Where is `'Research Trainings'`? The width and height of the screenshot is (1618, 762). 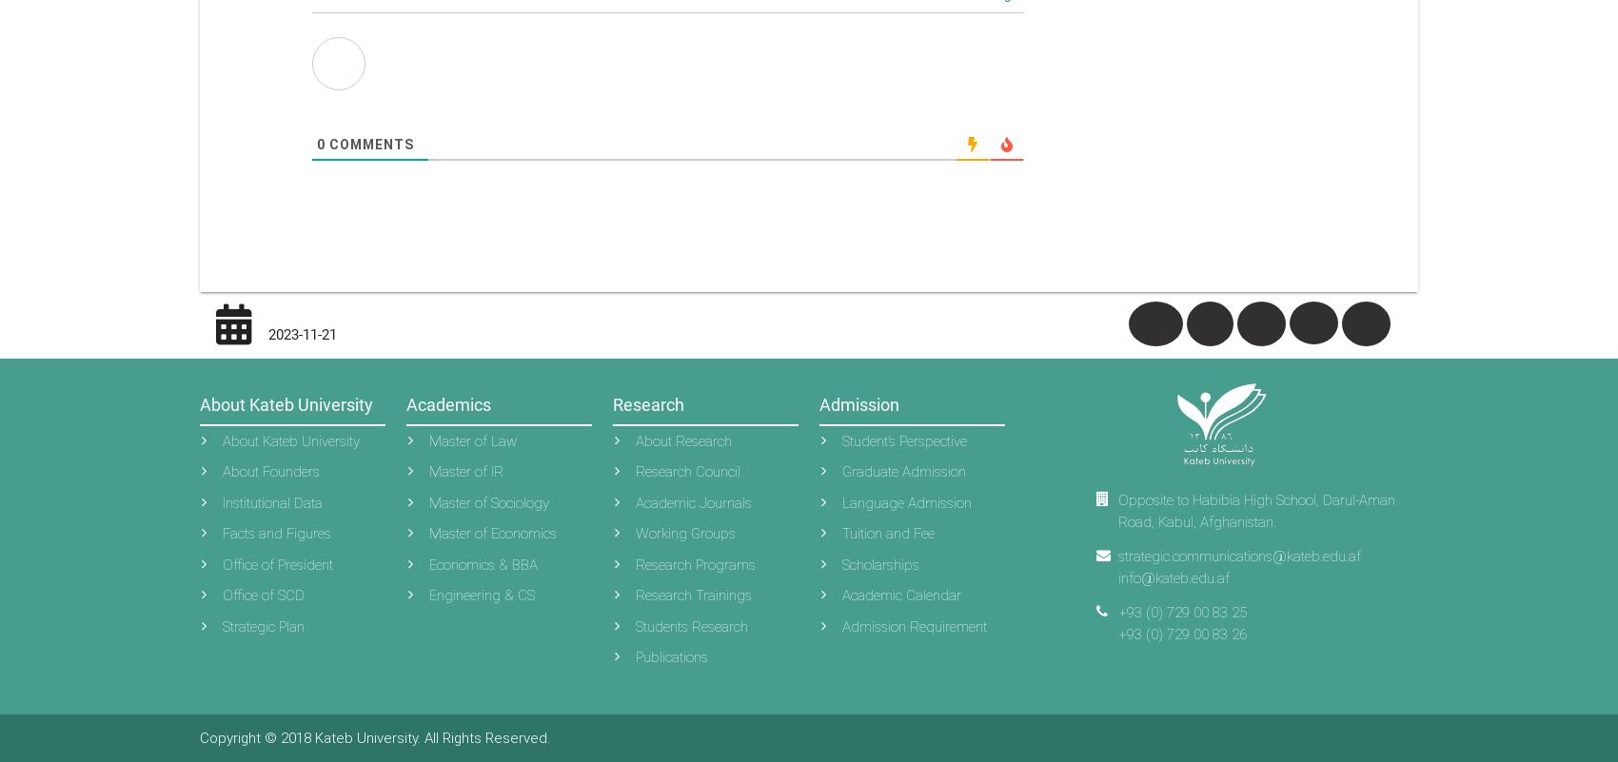 'Research Trainings' is located at coordinates (693, 594).